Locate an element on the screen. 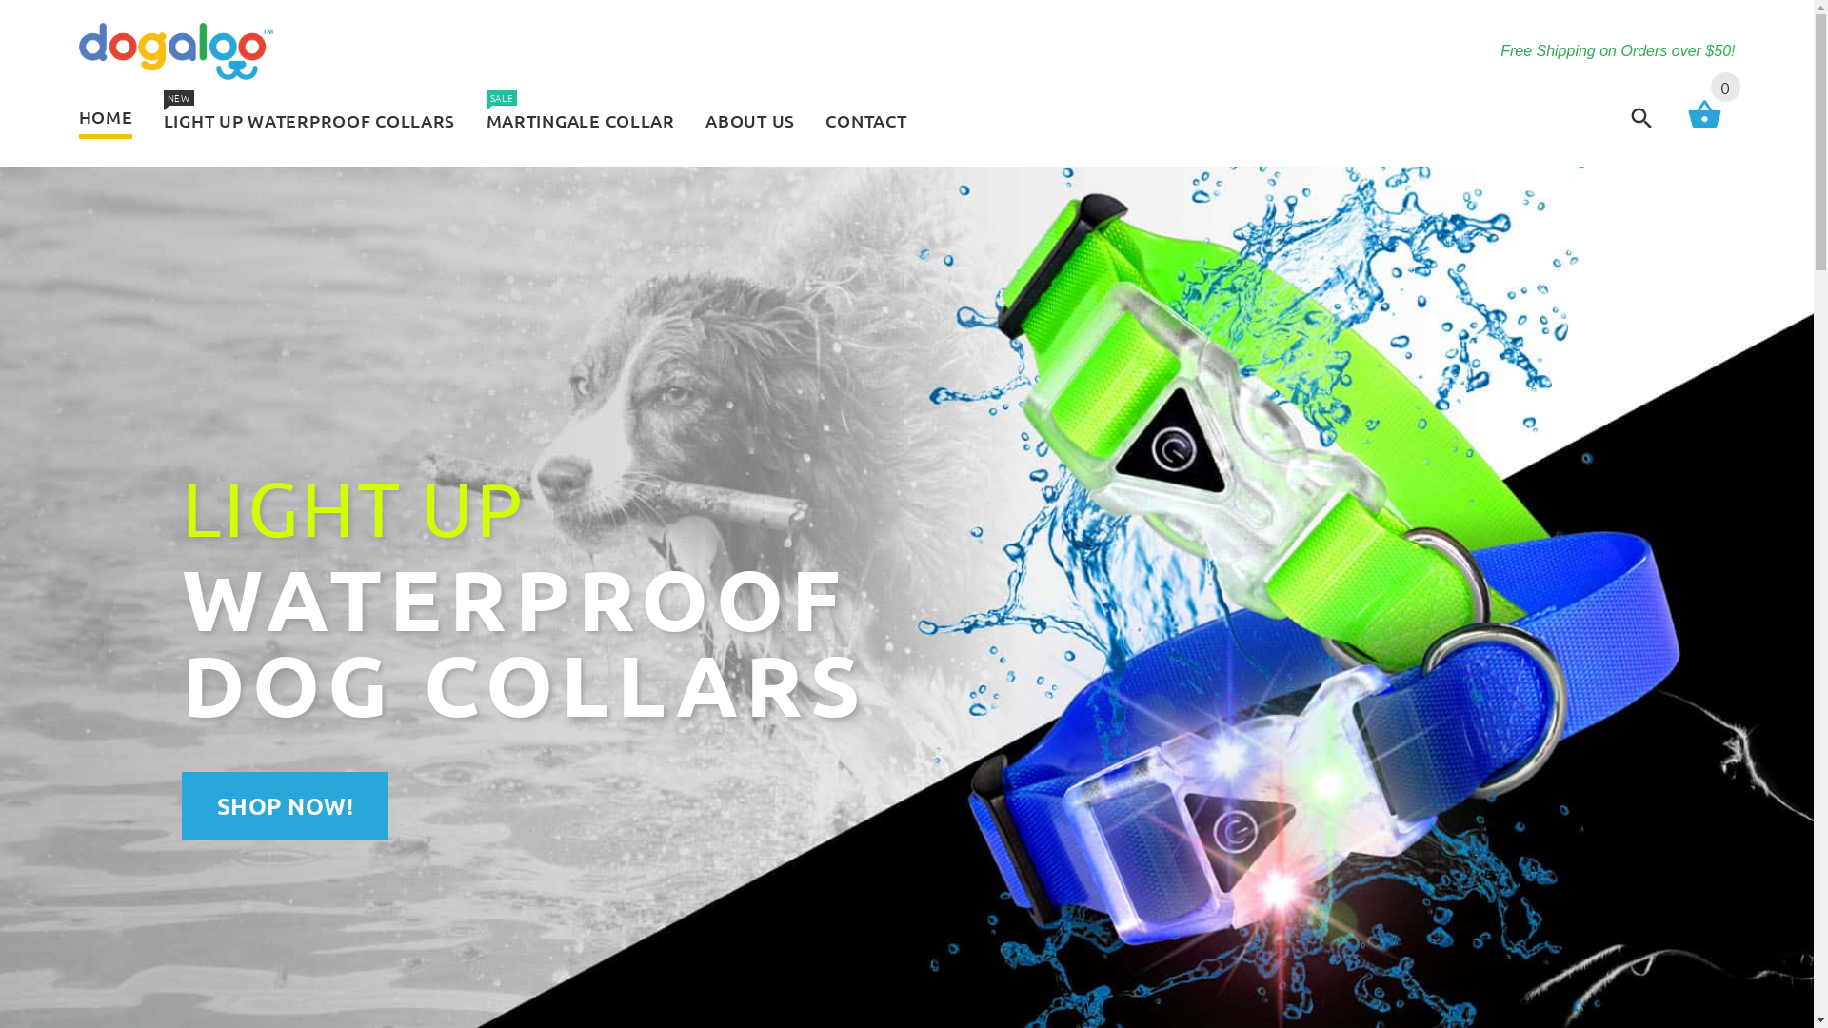 This screenshot has height=1028, width=1828. 'HOME' is located at coordinates (111, 118).